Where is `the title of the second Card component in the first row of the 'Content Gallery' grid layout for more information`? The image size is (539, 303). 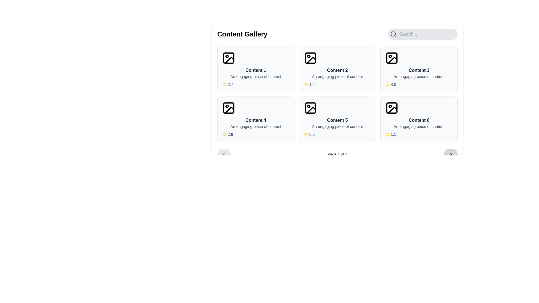
the title of the second Card component in the first row of the 'Content Gallery' grid layout for more information is located at coordinates (337, 69).